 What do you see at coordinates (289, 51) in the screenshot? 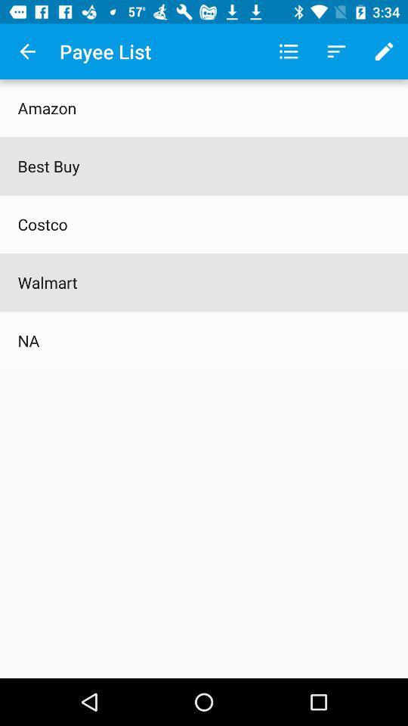
I see `app to the right of payee list icon` at bounding box center [289, 51].